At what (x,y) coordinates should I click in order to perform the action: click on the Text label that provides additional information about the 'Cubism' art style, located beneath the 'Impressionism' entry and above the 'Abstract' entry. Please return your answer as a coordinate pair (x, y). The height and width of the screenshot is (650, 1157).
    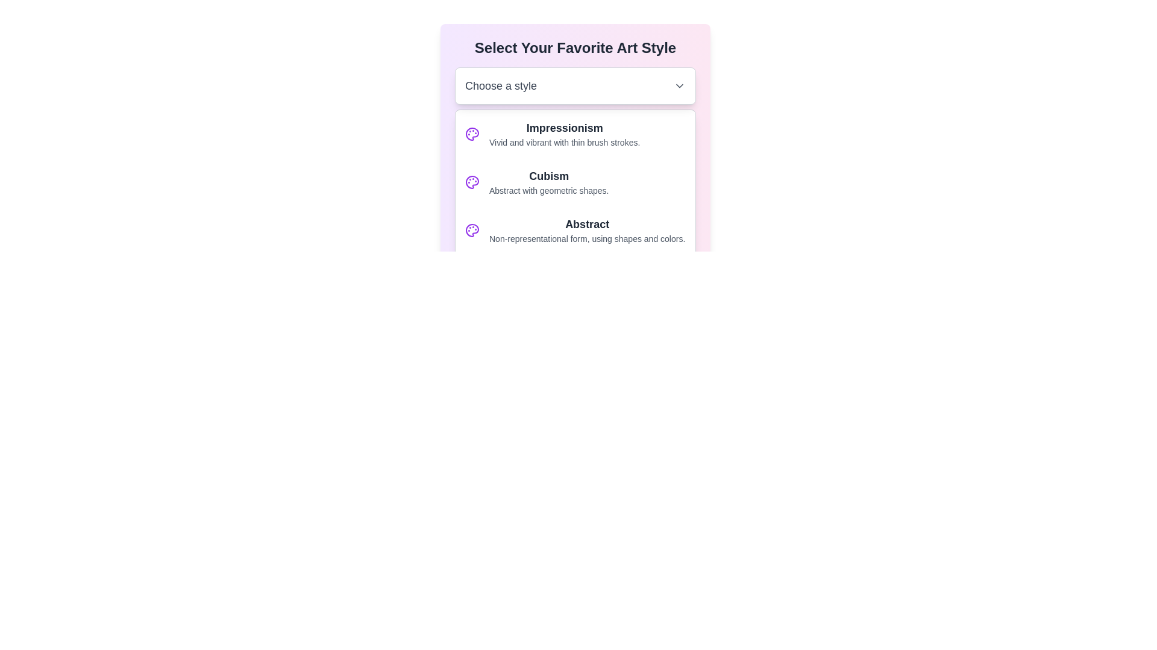
    Looking at the image, I should click on (548, 190).